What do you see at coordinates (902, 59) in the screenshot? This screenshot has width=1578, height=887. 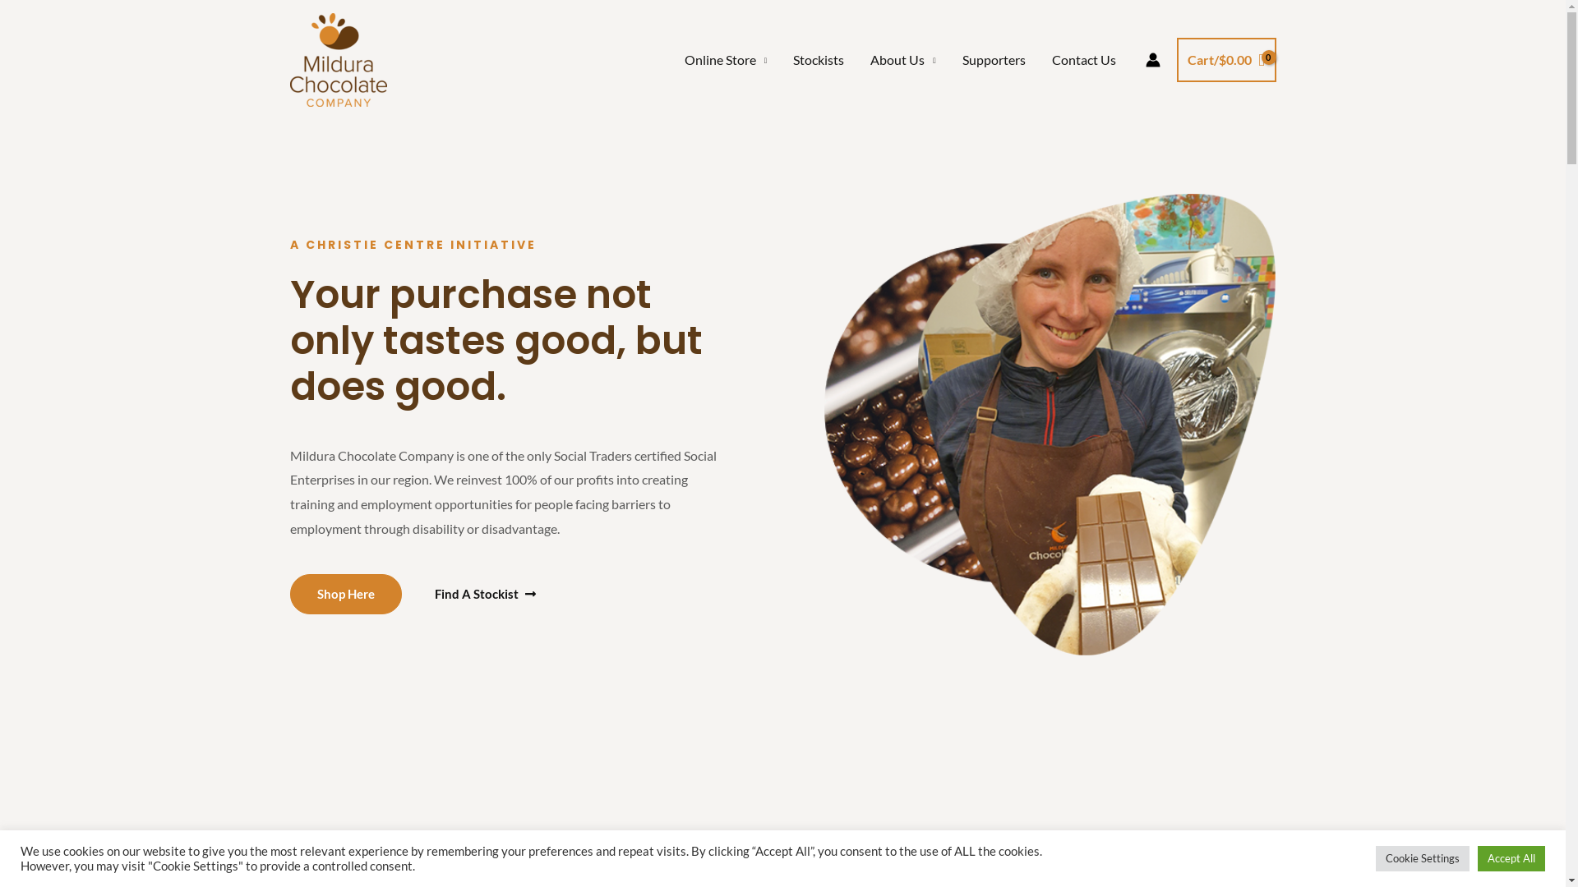 I see `'About Us'` at bounding box center [902, 59].